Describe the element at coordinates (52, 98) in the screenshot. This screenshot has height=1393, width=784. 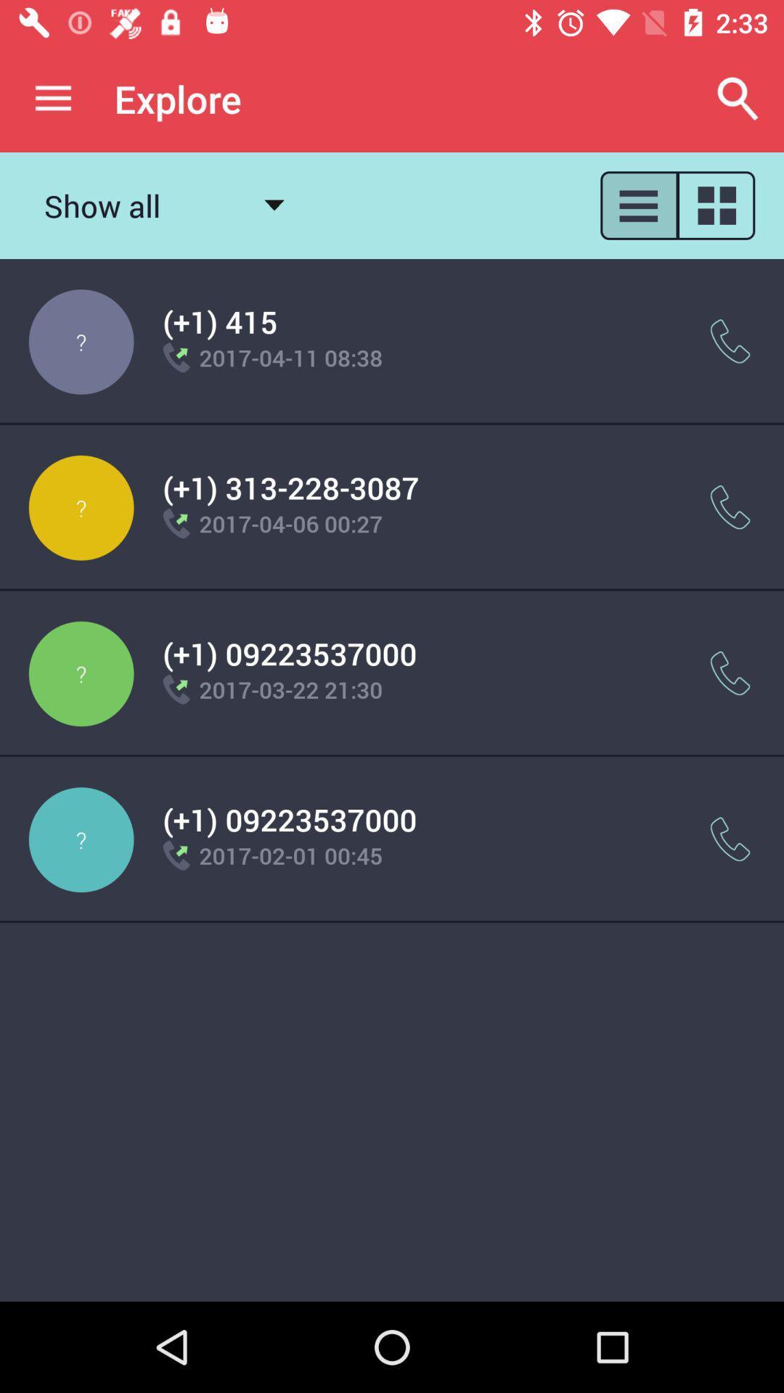
I see `app to the left of explore app` at that location.